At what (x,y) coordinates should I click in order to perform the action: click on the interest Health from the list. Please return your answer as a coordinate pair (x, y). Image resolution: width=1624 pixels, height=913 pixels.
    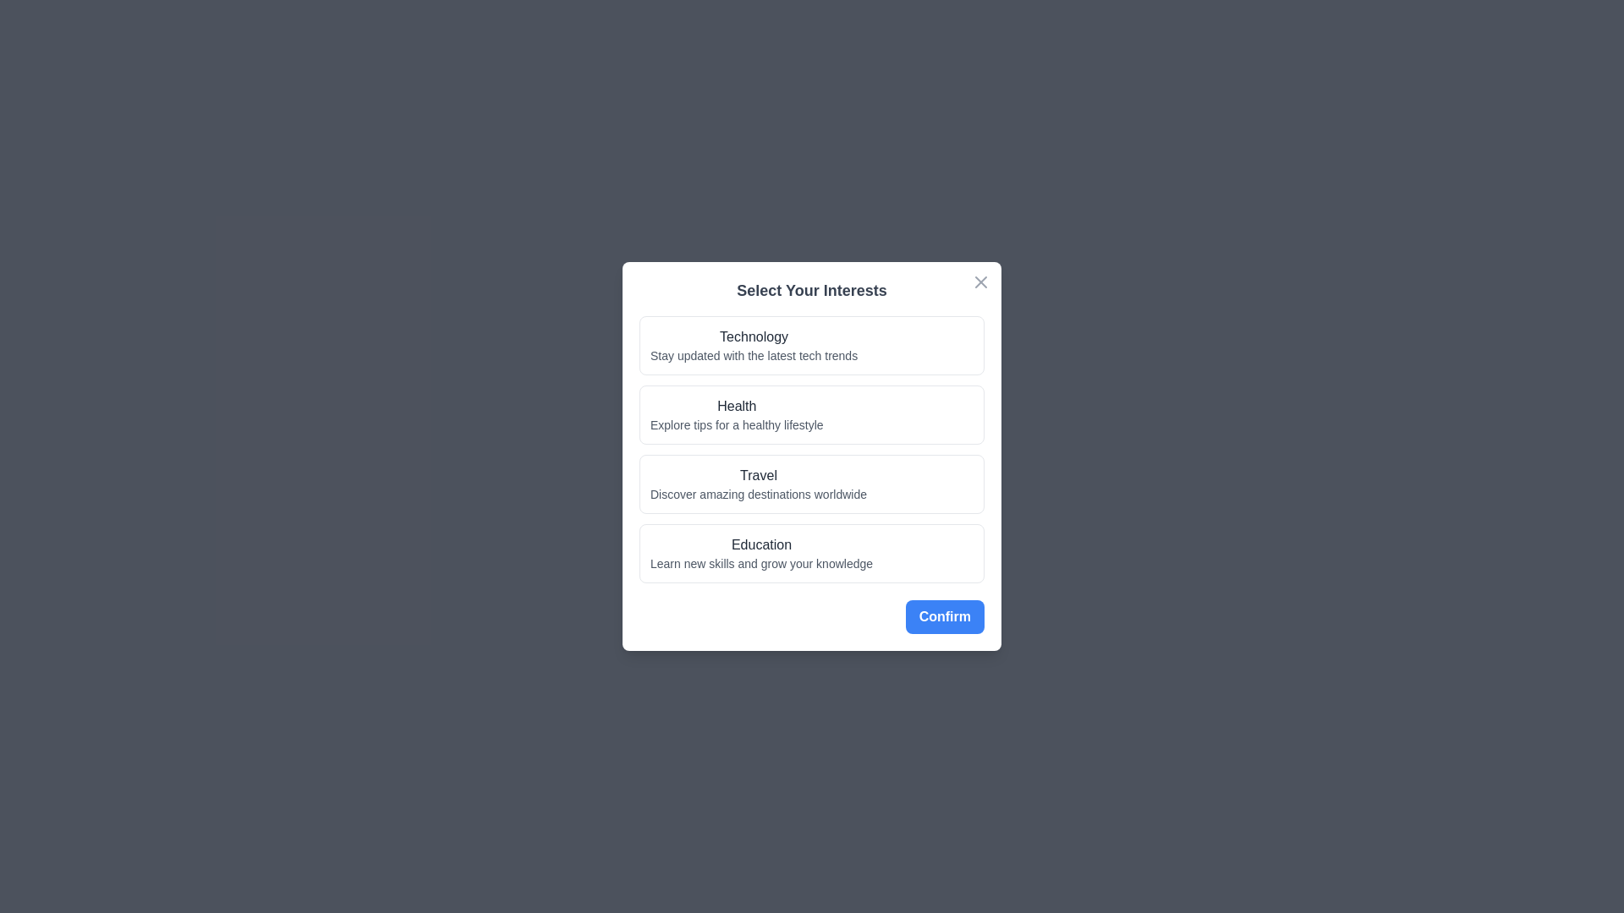
    Looking at the image, I should click on (812, 414).